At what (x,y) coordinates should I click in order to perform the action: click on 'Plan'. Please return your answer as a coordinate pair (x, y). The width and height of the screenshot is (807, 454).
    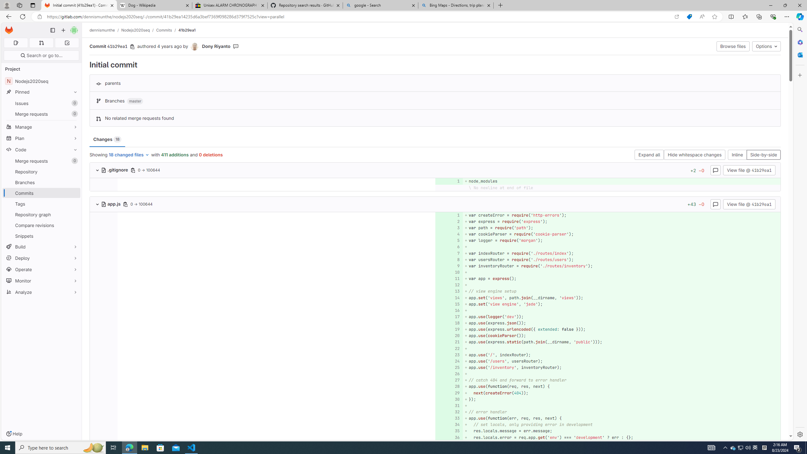
    Looking at the image, I should click on (41, 138).